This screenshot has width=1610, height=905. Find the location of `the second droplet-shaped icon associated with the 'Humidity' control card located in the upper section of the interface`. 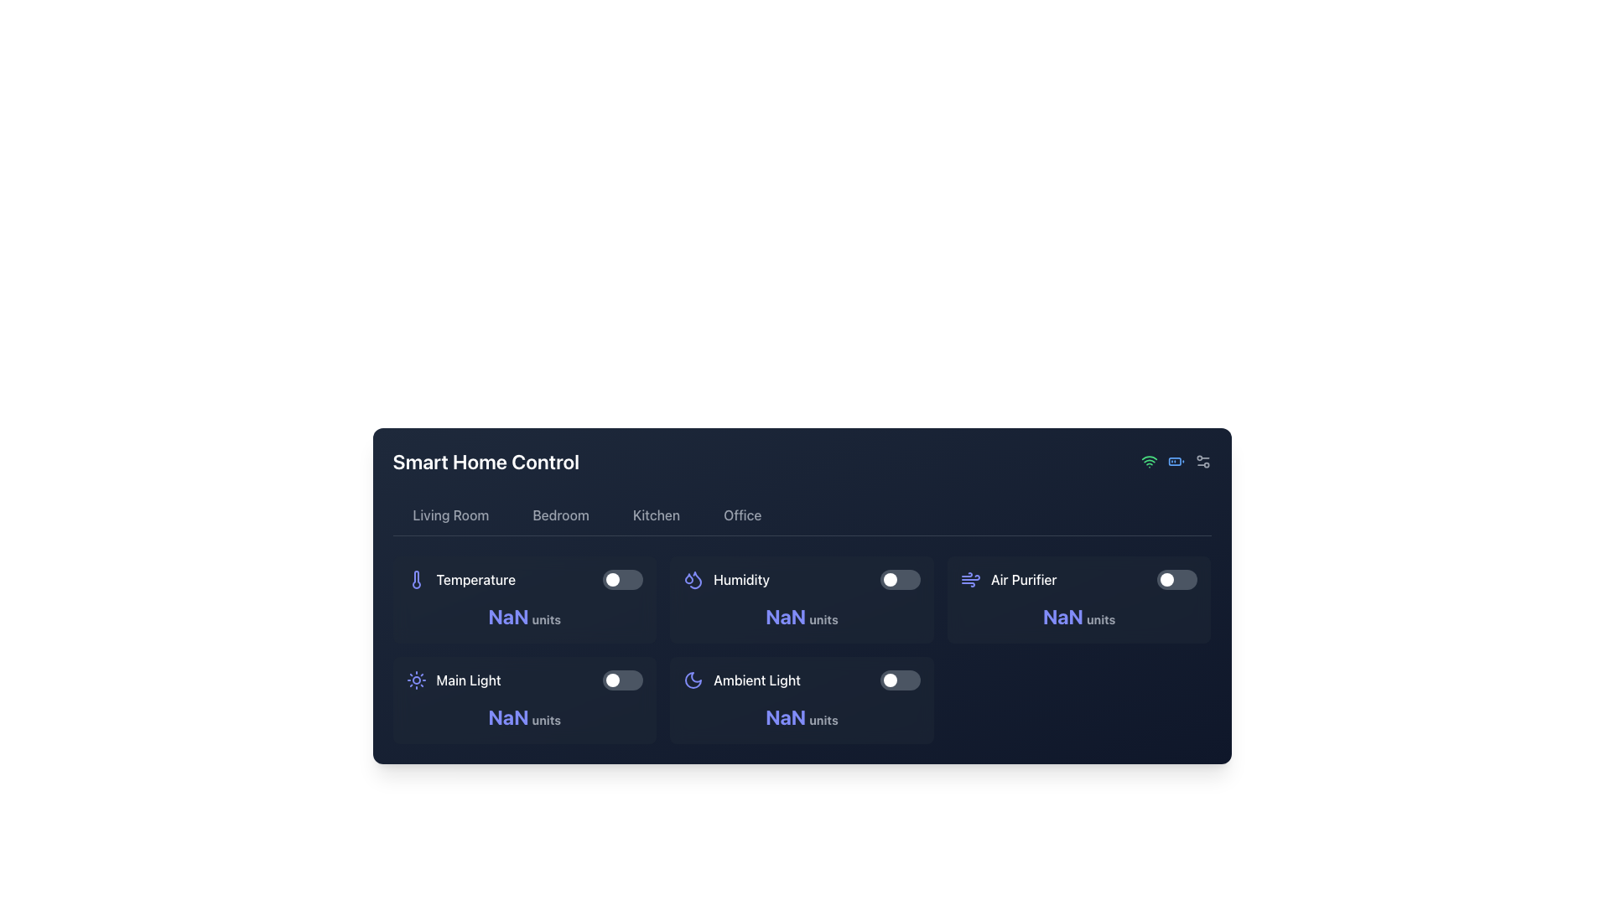

the second droplet-shaped icon associated with the 'Humidity' control card located in the upper section of the interface is located at coordinates (696, 579).